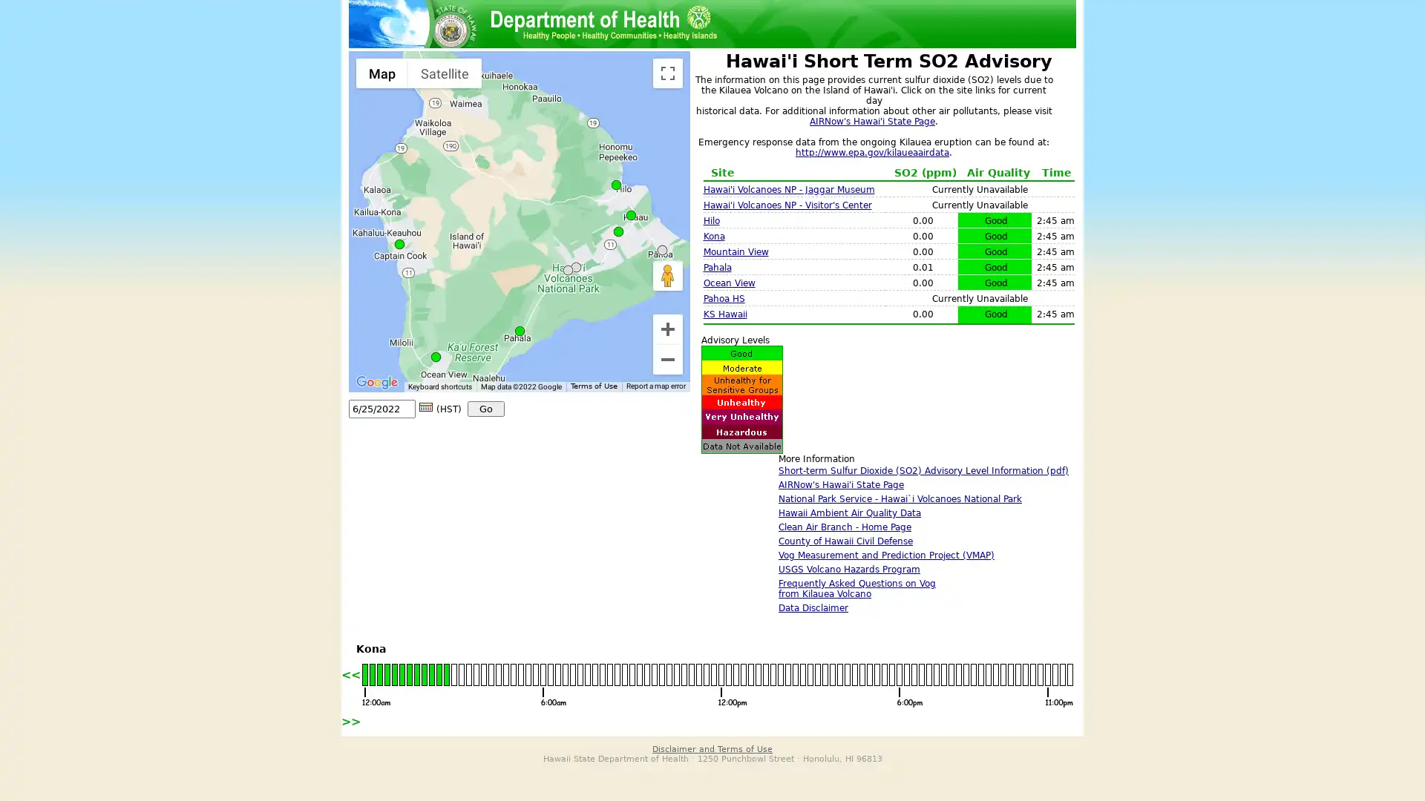 The image size is (1425, 801). Describe the element at coordinates (631, 215) in the screenshot. I see `KS Hawaii: SO2 0.00 ppm (Good) on 06/25 at 02:45 am` at that location.